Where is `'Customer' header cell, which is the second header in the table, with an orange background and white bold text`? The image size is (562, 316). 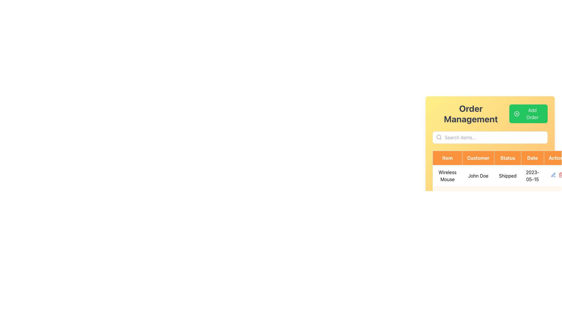
'Customer' header cell, which is the second header in the table, with an orange background and white bold text is located at coordinates (478, 158).